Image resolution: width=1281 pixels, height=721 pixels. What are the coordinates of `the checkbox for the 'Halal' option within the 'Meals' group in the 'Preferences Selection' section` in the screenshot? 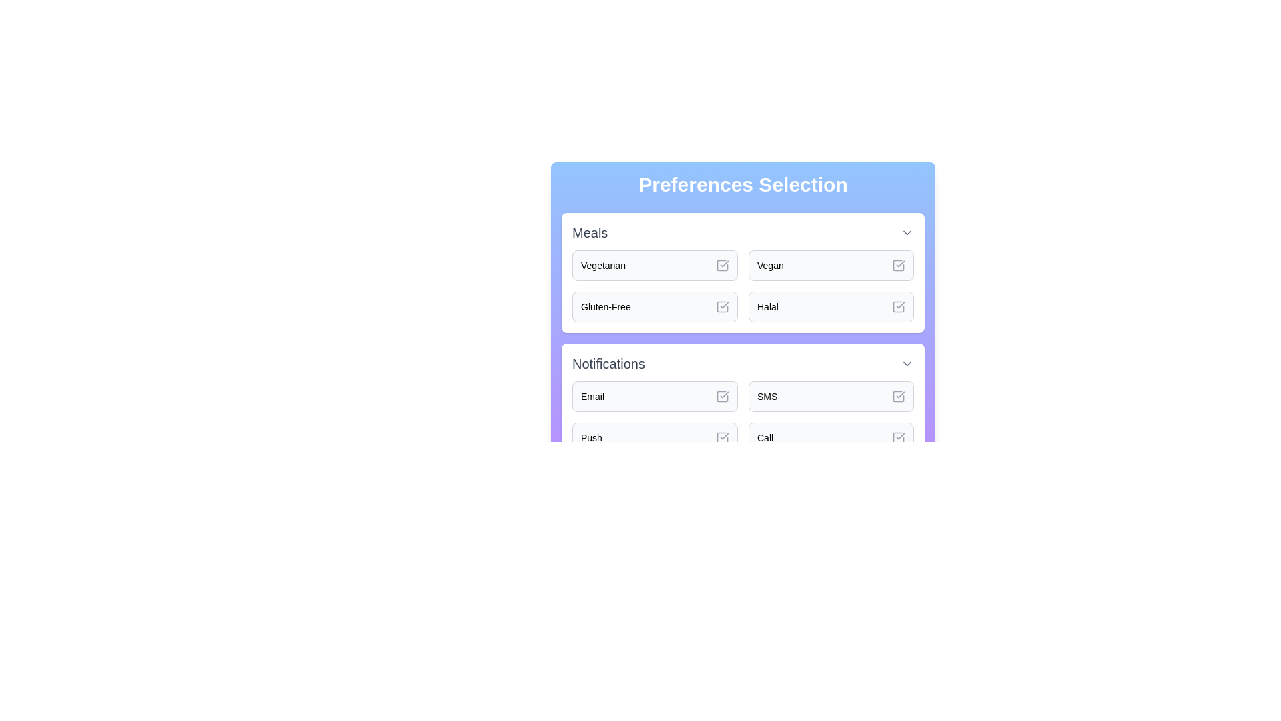 It's located at (899, 306).